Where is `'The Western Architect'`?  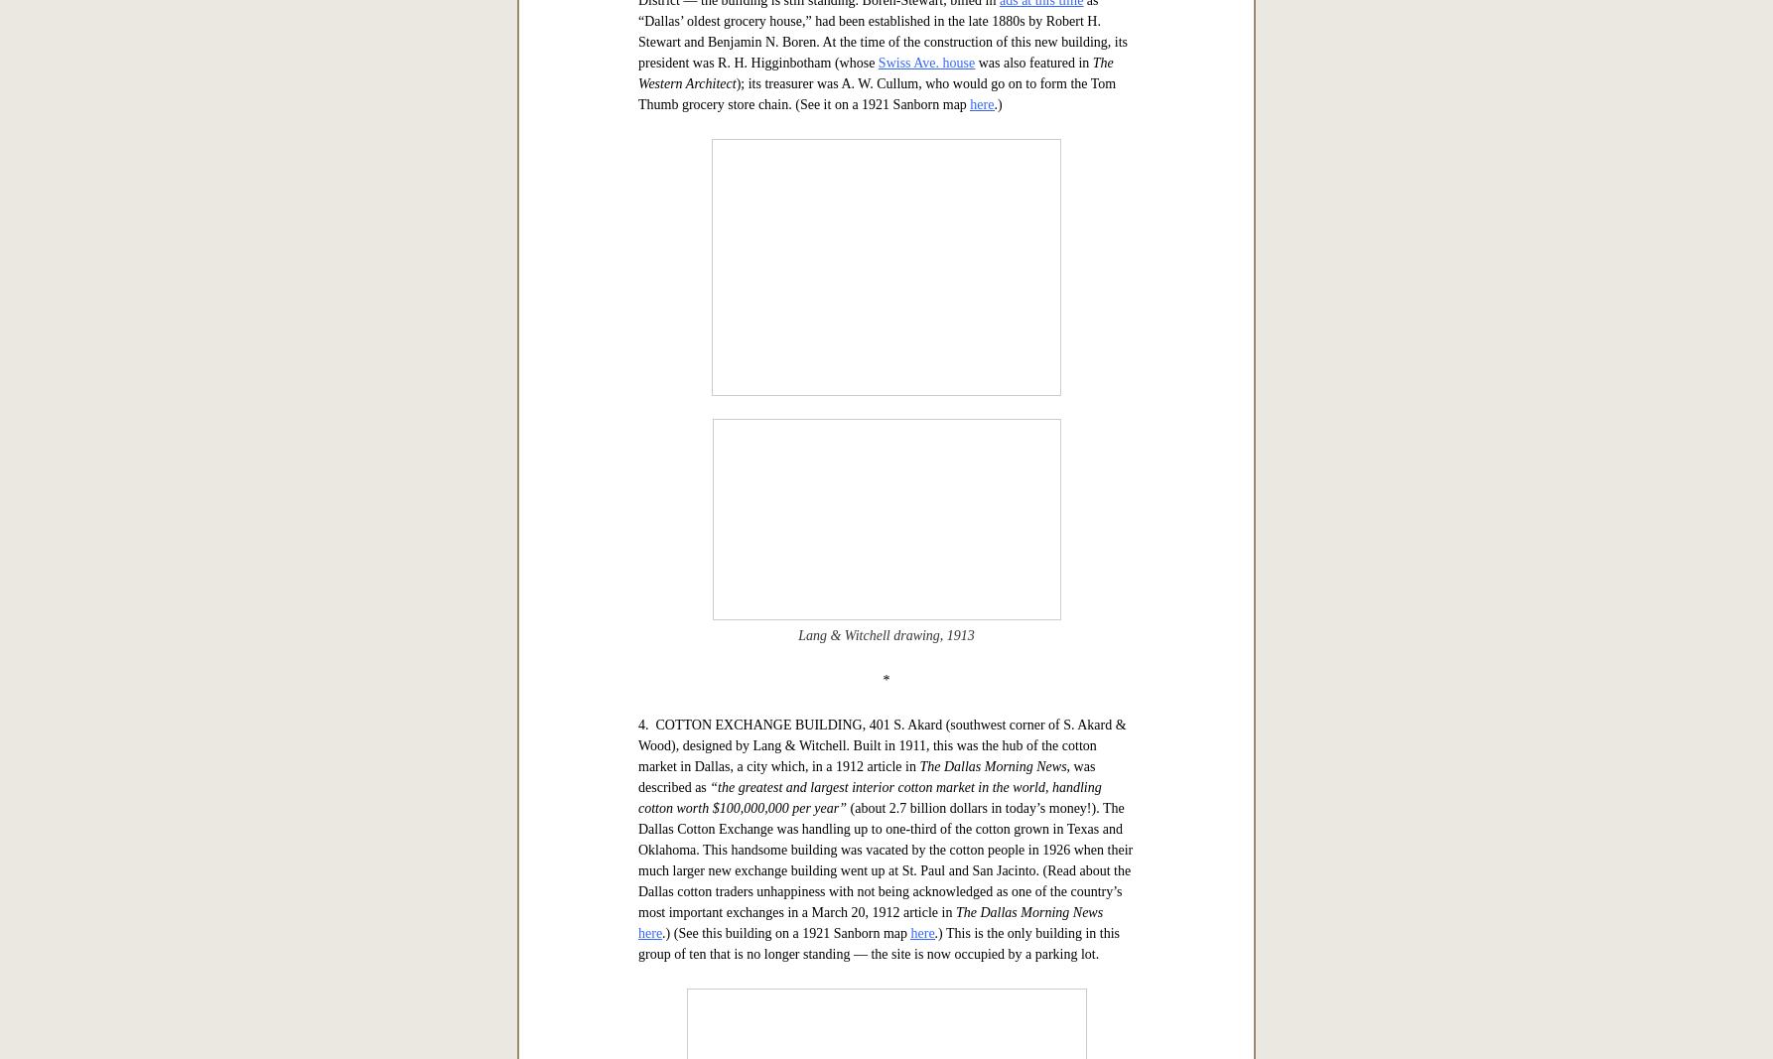 'The Western Architect' is located at coordinates (874, 696).